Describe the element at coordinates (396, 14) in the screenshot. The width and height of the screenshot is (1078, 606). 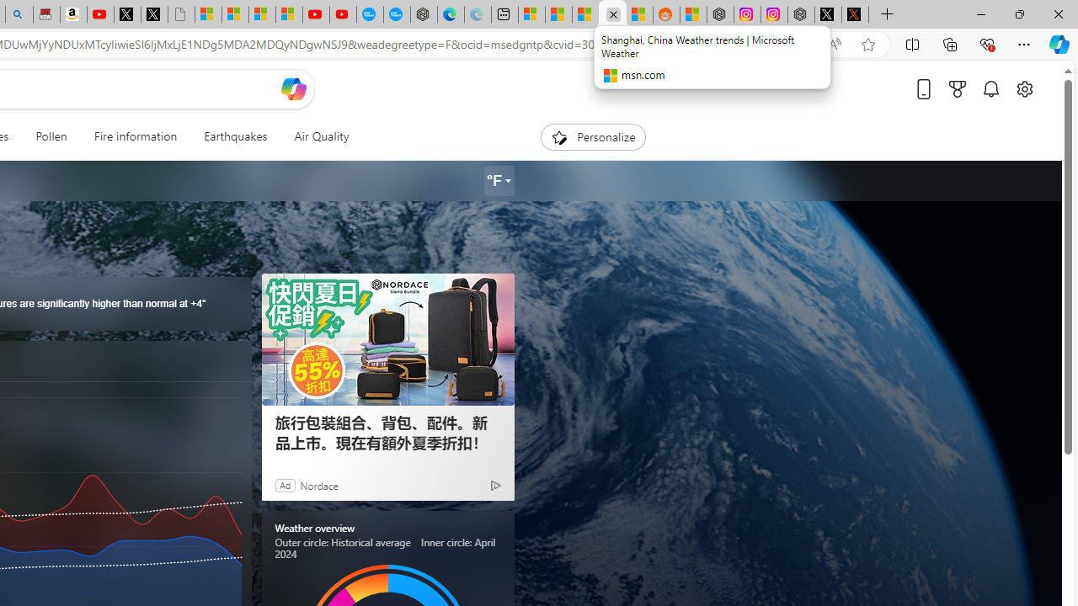
I see `'The most popular Google '` at that location.